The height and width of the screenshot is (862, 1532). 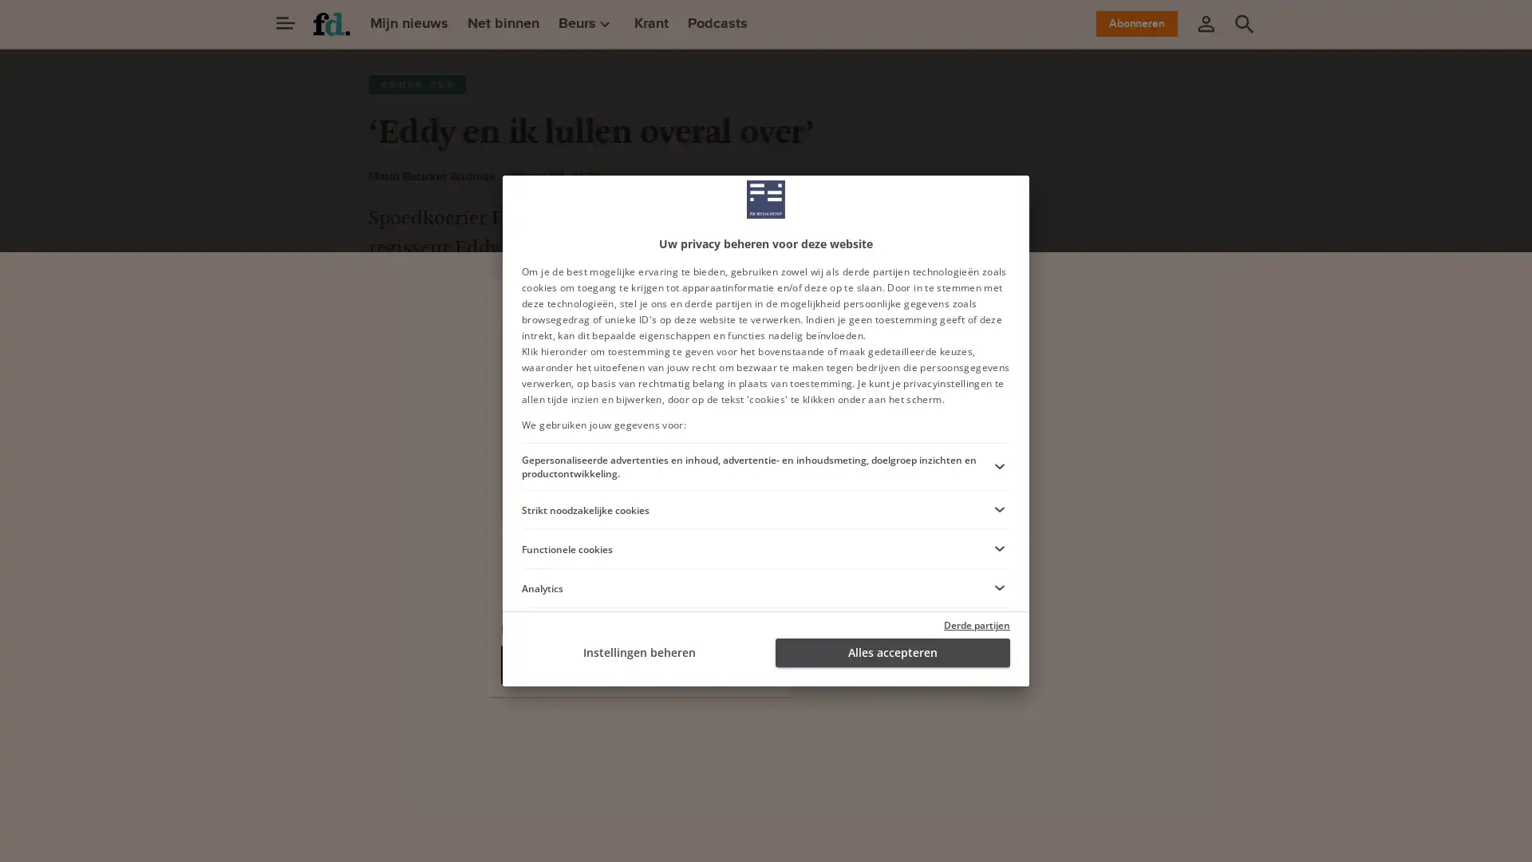 I want to click on Ga verder, so click(x=639, y=483).